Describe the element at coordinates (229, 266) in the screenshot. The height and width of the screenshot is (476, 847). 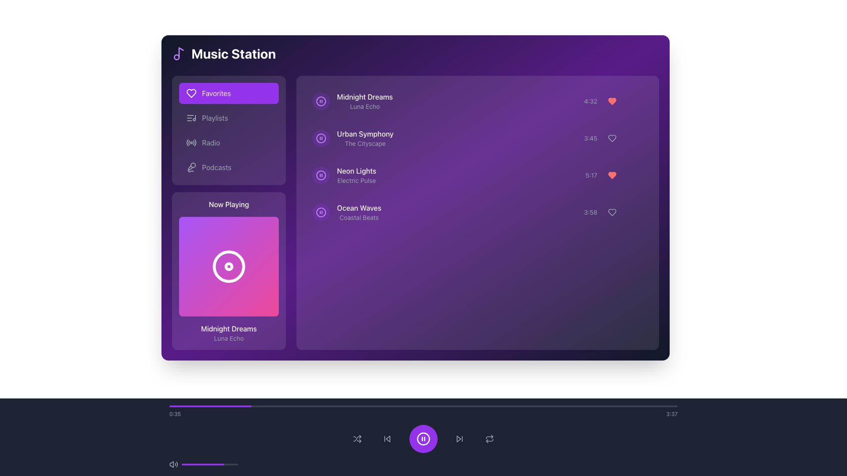
I see `the currently playing music track displayed in the 'Now Playing' section, located below the text 'Now Playing' and above 'Midnight Dreams Luna Echo'` at that location.